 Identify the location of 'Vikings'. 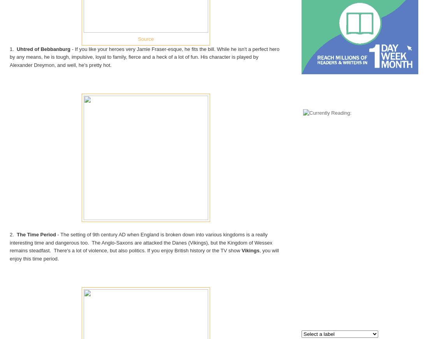
(250, 250).